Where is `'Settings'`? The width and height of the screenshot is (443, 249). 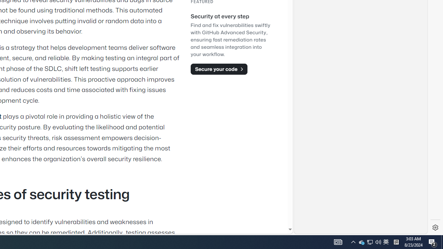
'Settings' is located at coordinates (435, 228).